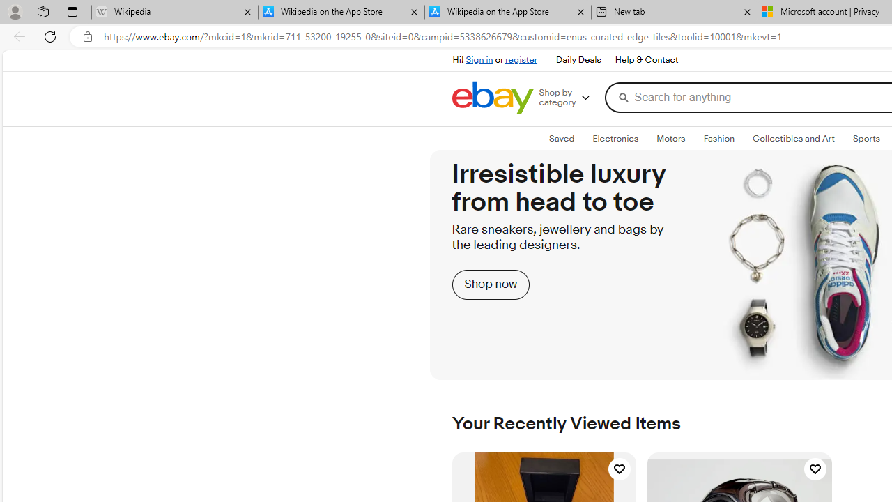  I want to click on 'FashionExpand: Fashion', so click(718, 139).